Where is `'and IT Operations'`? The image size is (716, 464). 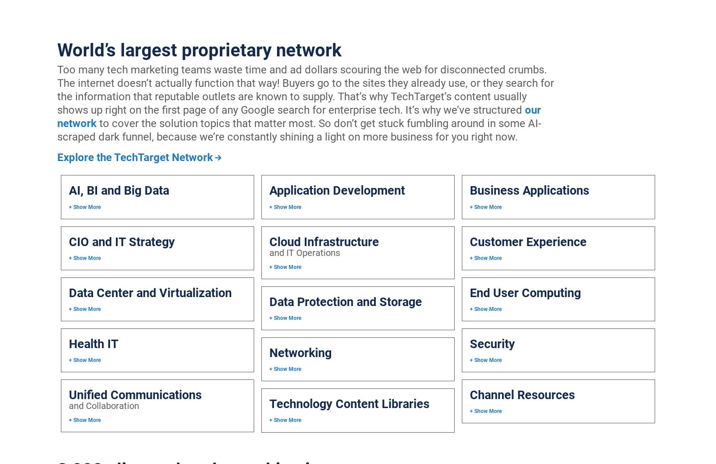
'and IT Operations' is located at coordinates (304, 252).